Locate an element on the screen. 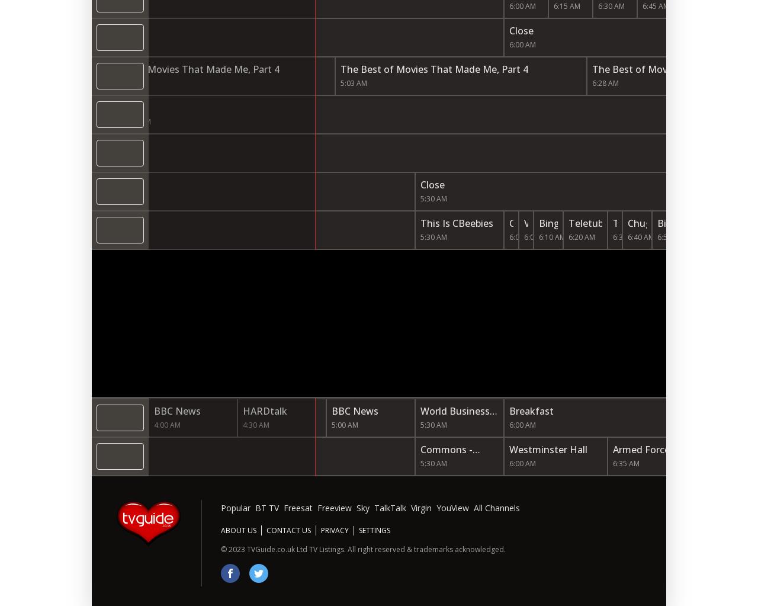  '5:00 AM' is located at coordinates (344, 425).